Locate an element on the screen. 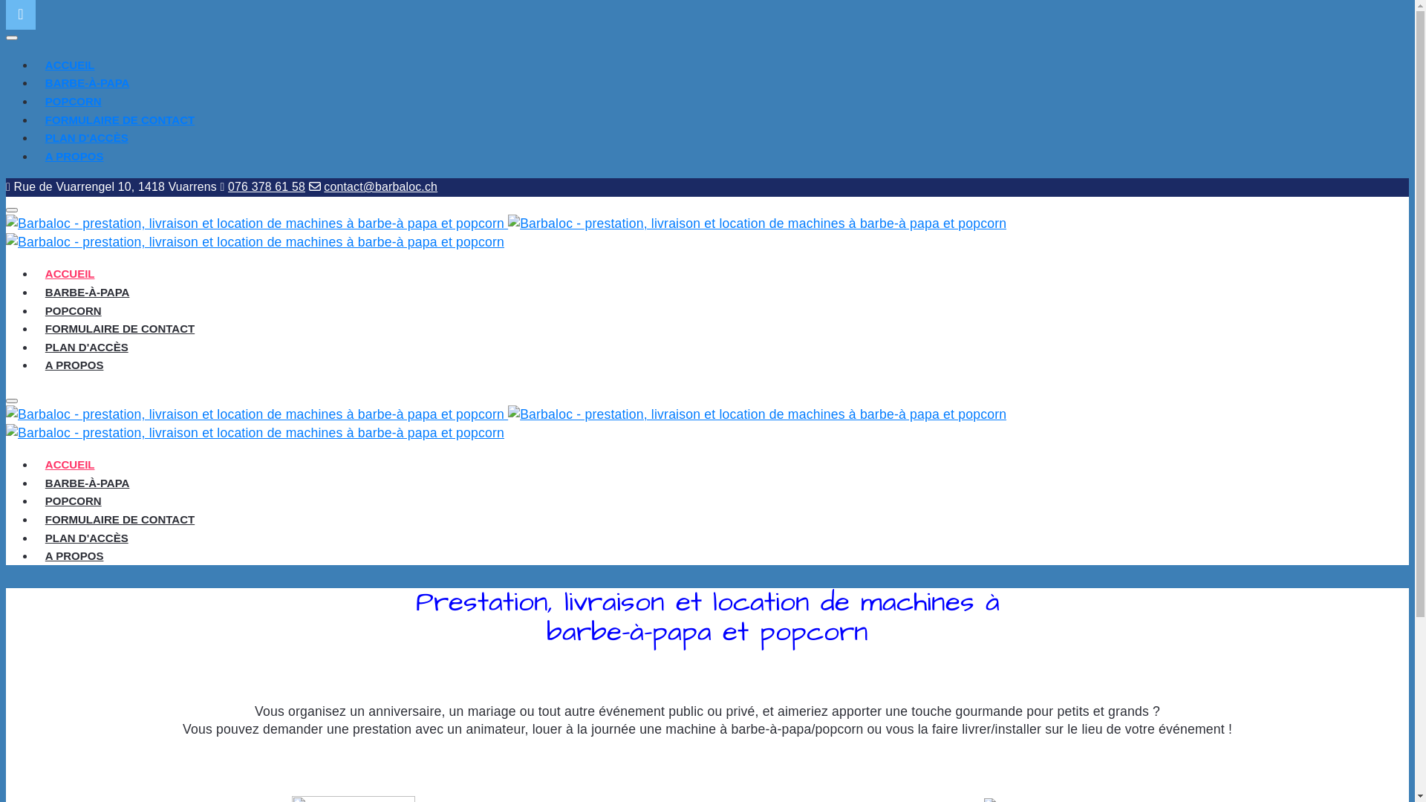 This screenshot has height=802, width=1426. 'contact@barbaloc.ch' is located at coordinates (323, 186).